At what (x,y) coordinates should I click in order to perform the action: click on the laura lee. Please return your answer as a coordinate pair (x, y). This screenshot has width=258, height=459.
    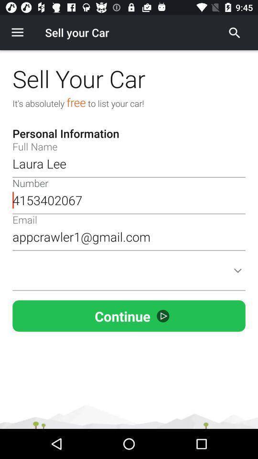
    Looking at the image, I should click on (129, 164).